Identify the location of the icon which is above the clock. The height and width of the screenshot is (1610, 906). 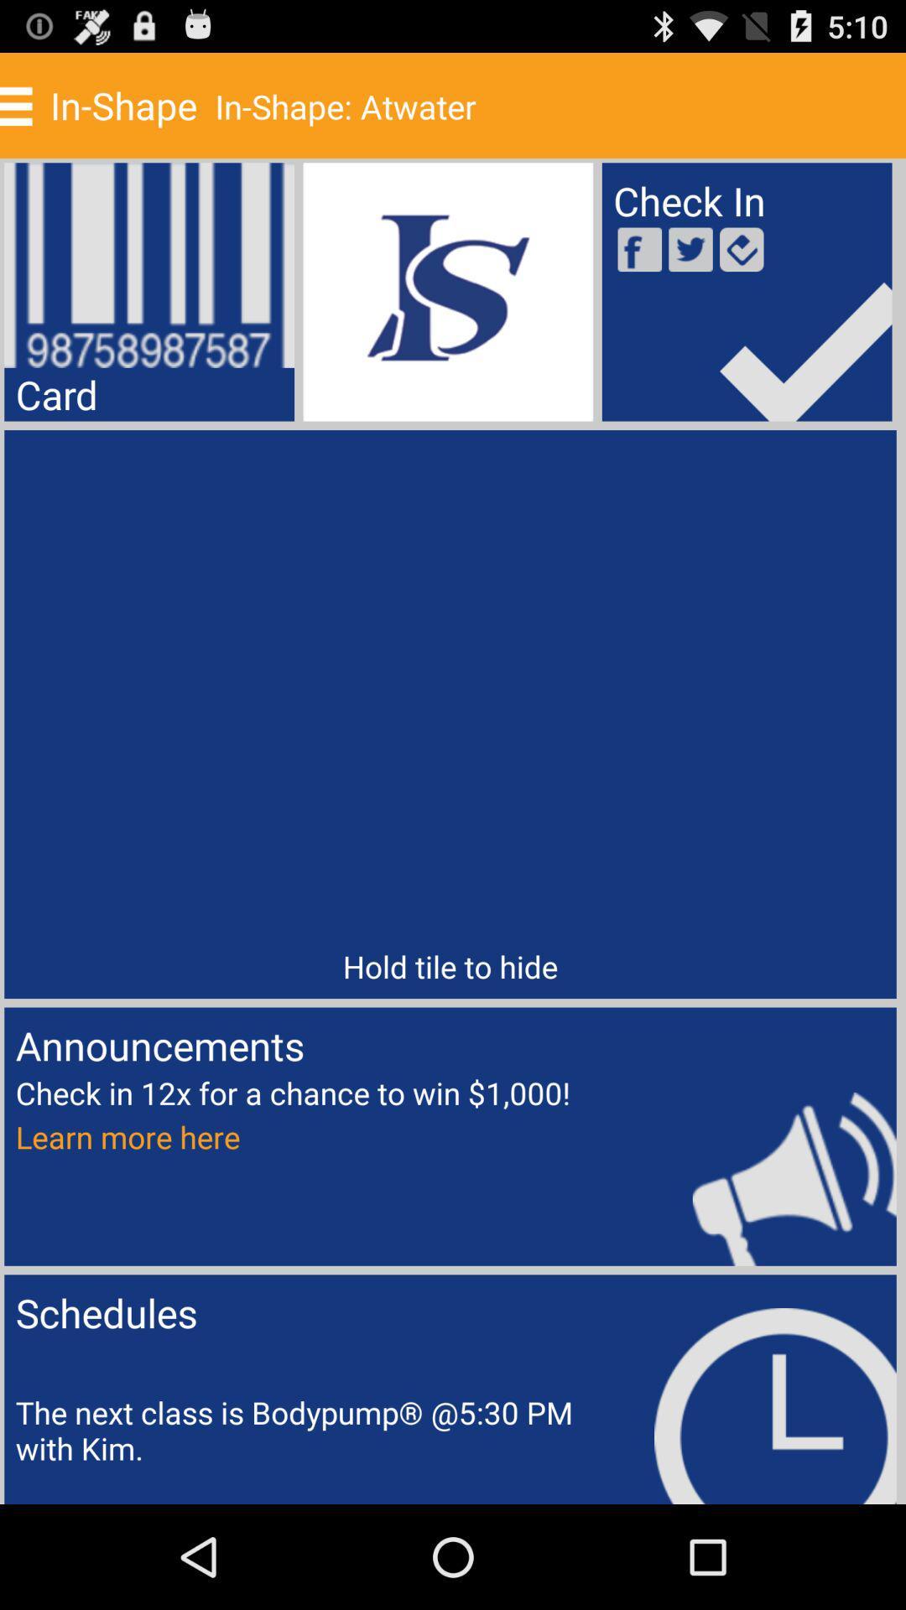
(740, 1168).